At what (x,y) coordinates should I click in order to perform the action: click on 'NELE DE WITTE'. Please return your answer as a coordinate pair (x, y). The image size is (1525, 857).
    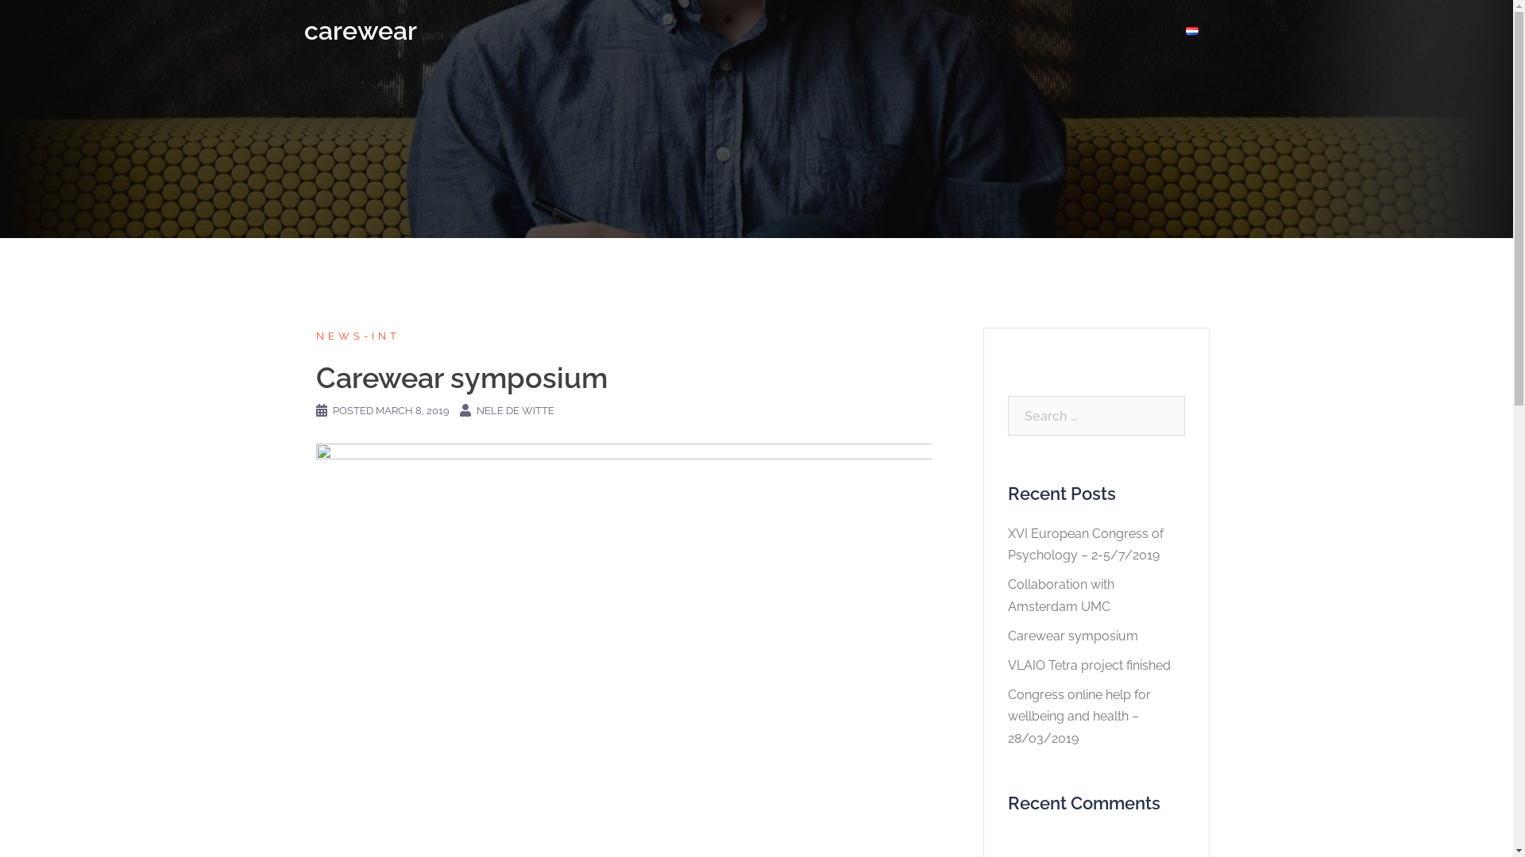
    Looking at the image, I should click on (515, 409).